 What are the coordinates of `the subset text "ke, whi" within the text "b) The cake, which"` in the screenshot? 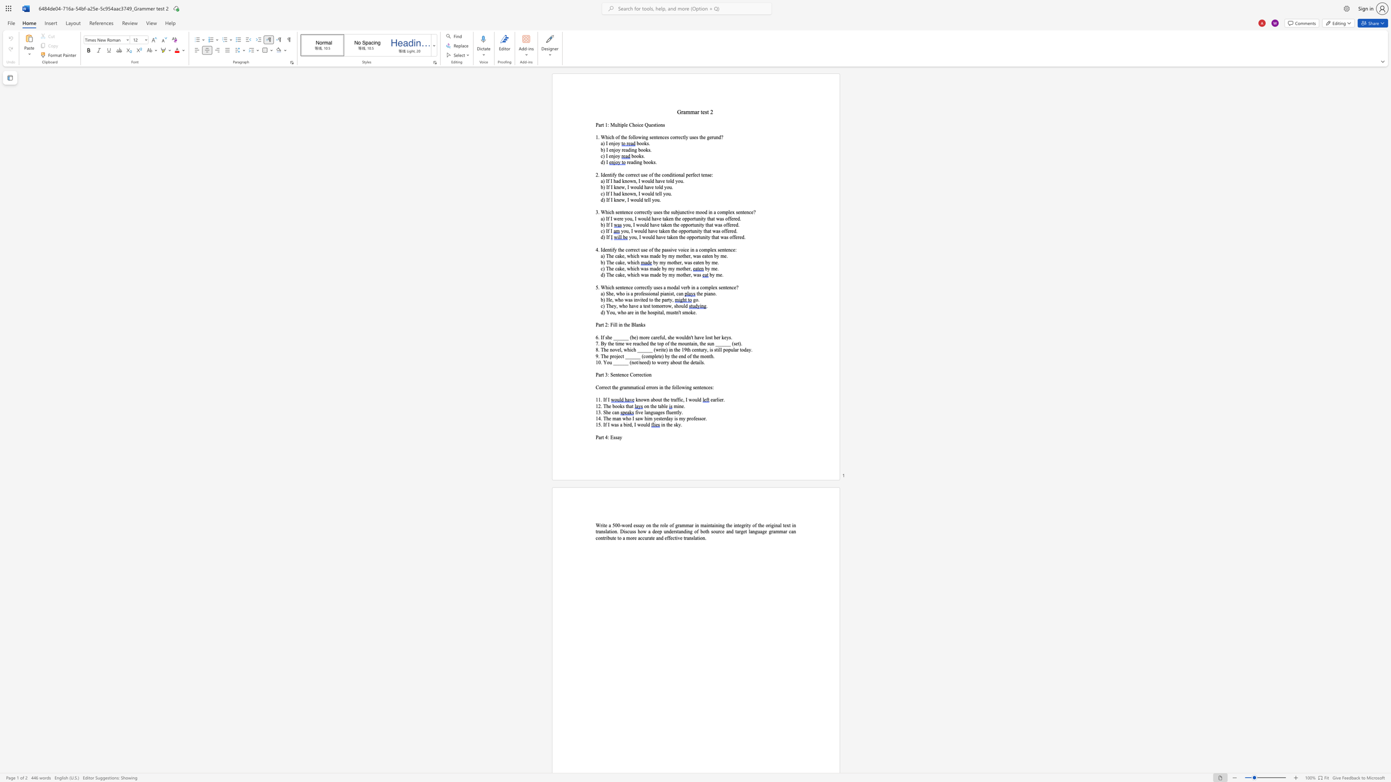 It's located at (619, 262).